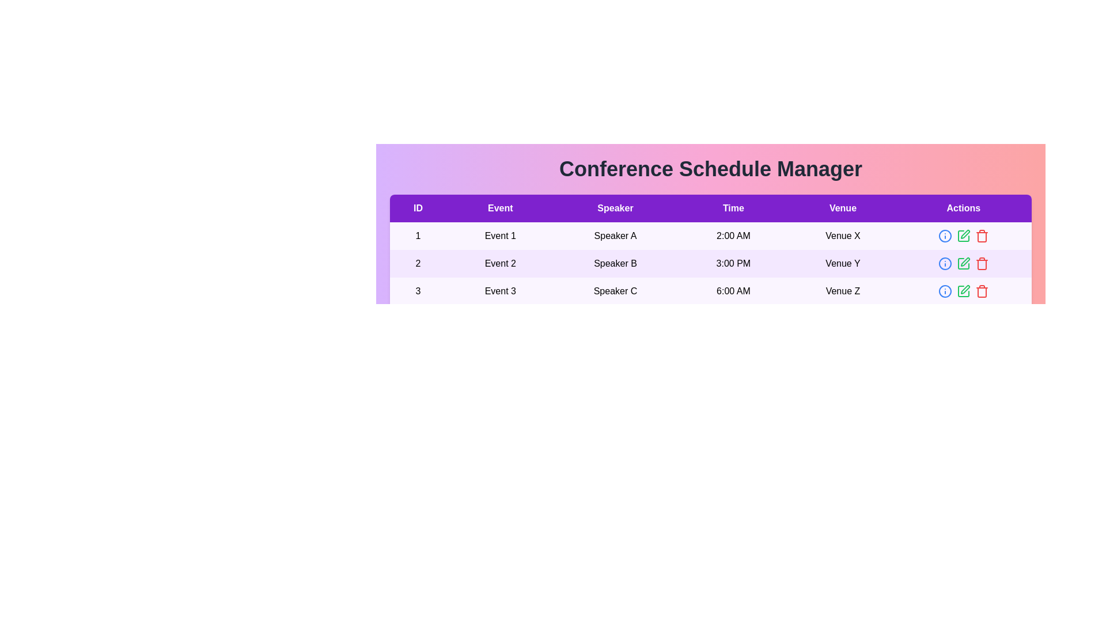 This screenshot has height=622, width=1106. I want to click on the column header to sort the table by Venue, so click(843, 208).